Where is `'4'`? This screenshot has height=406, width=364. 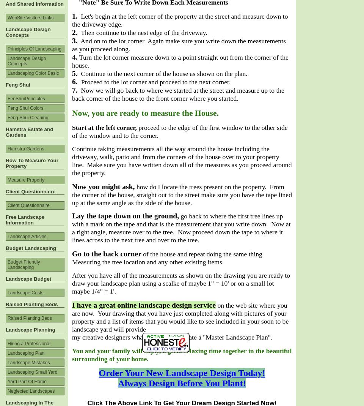 '4' is located at coordinates (74, 57).